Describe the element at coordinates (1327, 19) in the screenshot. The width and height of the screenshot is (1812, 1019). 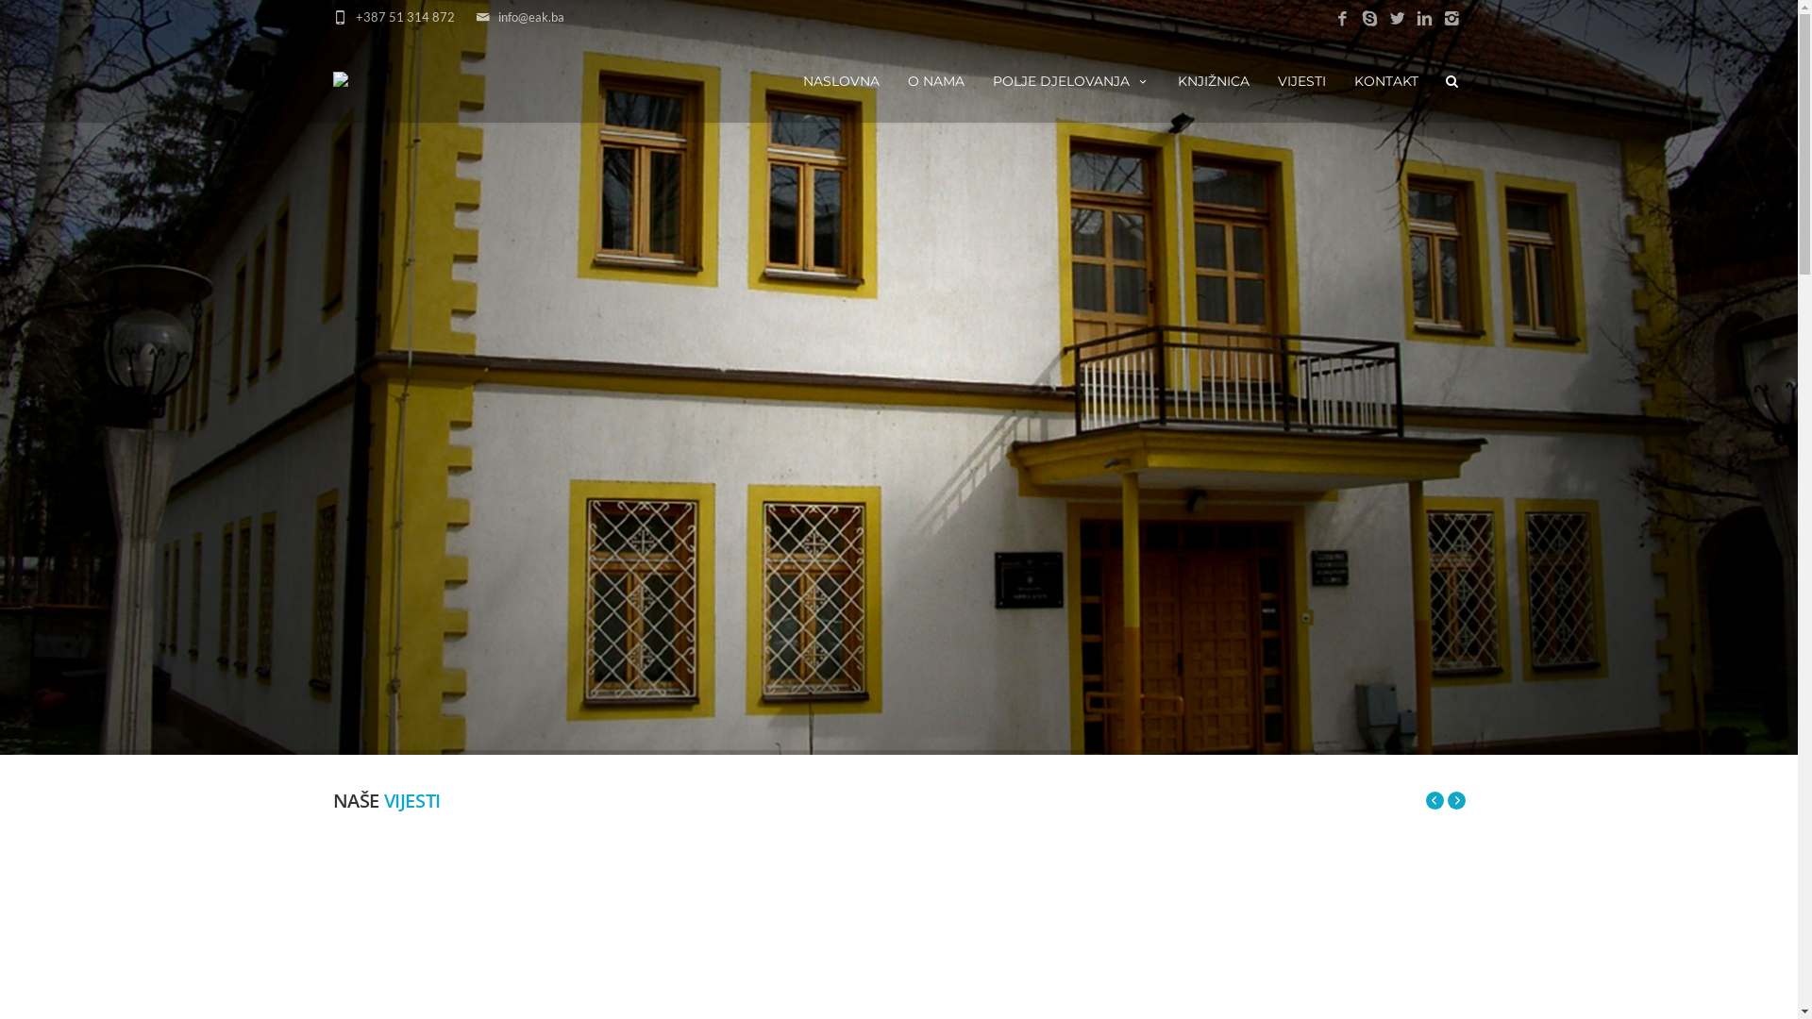
I see `'Facebook'` at that location.